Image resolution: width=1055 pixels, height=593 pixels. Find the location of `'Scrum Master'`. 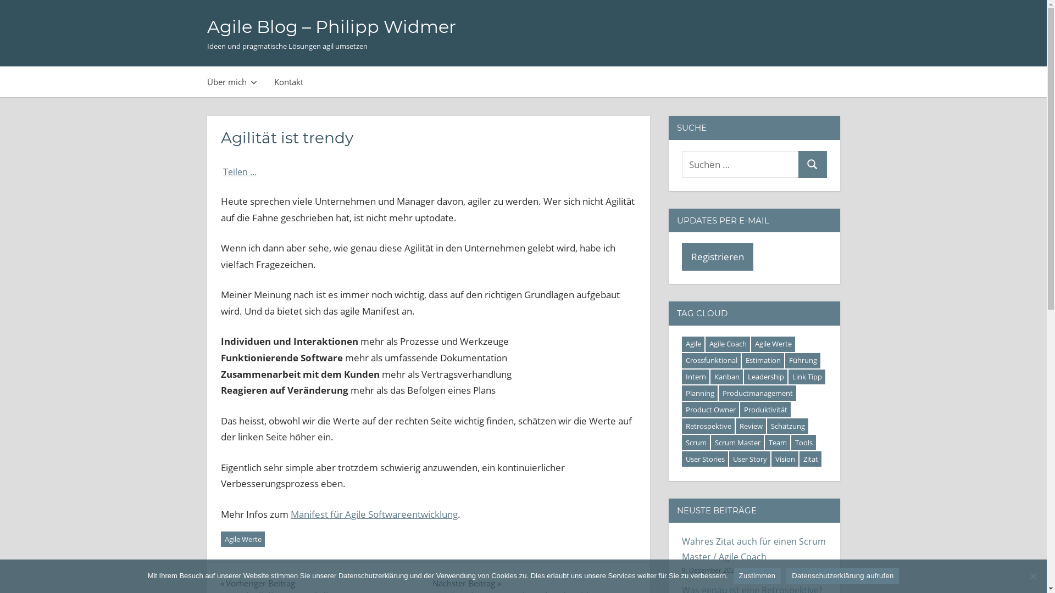

'Scrum Master' is located at coordinates (737, 442).